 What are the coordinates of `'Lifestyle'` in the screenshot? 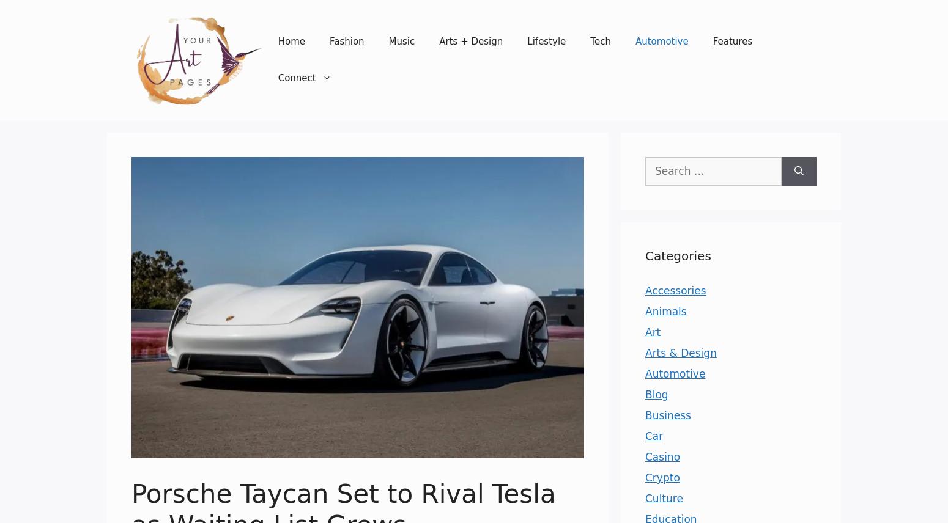 It's located at (527, 40).